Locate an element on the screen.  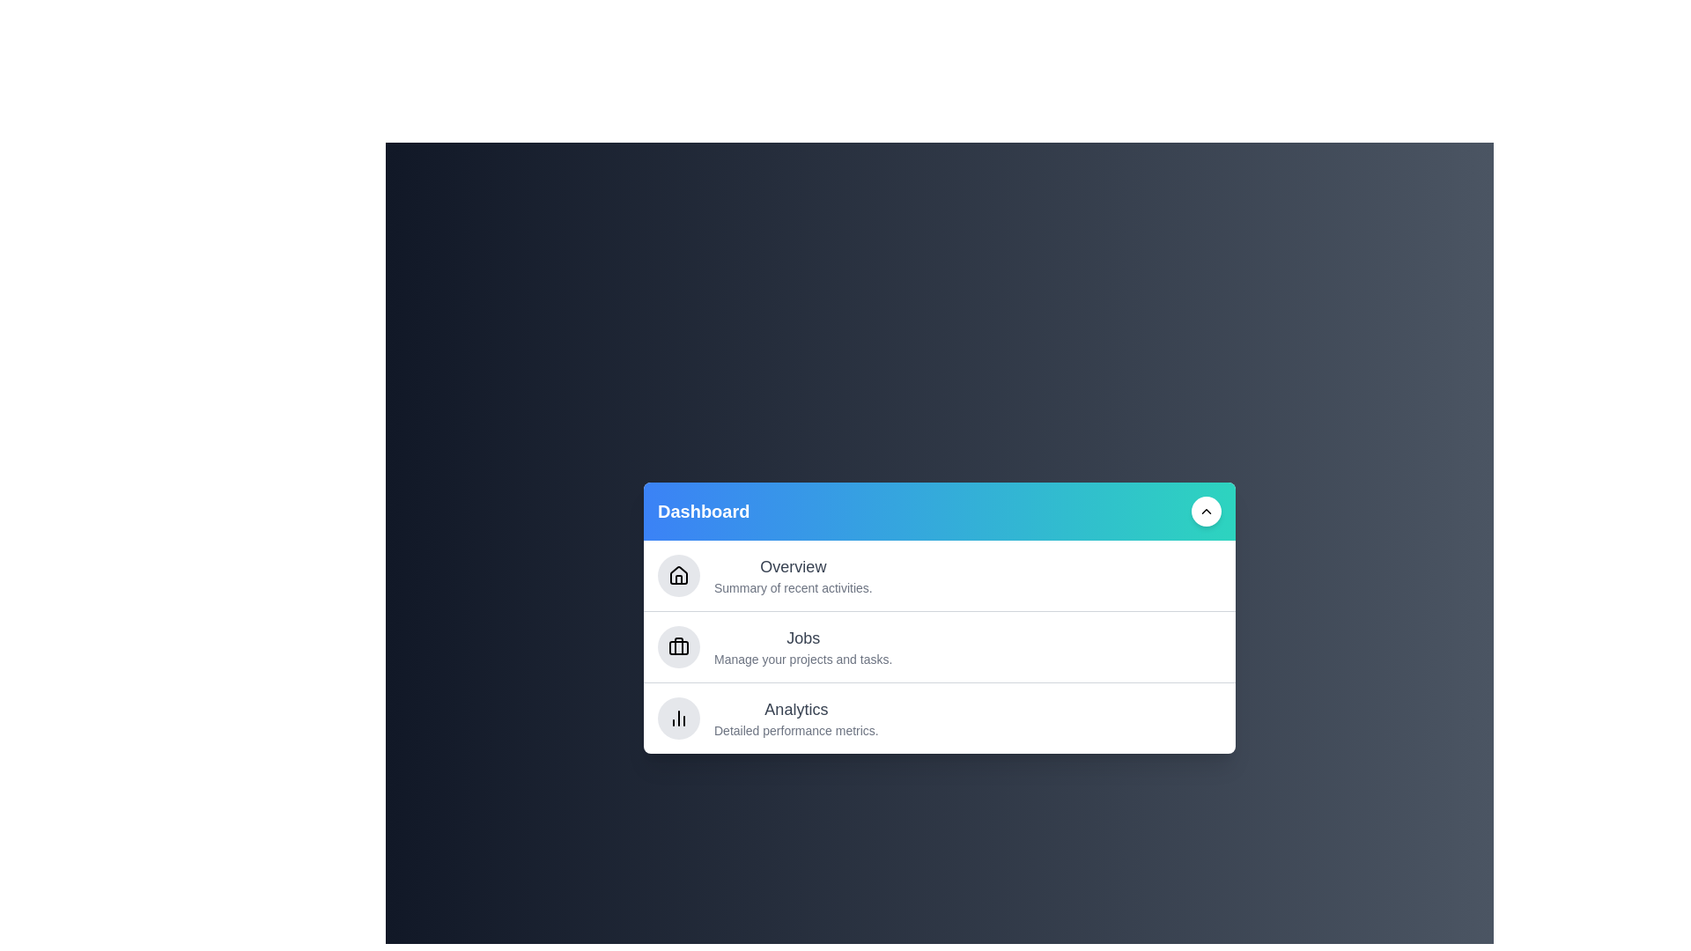
the section Overview in the dashboard is located at coordinates (938, 576).